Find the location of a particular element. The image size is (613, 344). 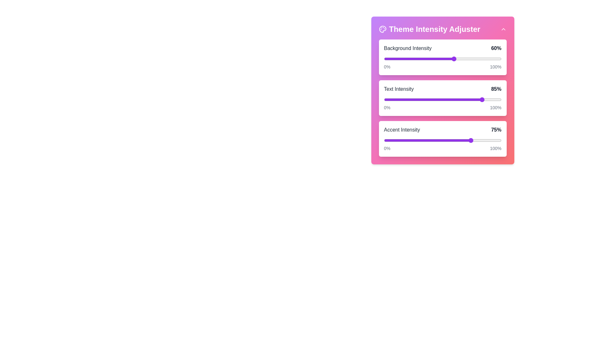

the background intensity is located at coordinates (491, 59).